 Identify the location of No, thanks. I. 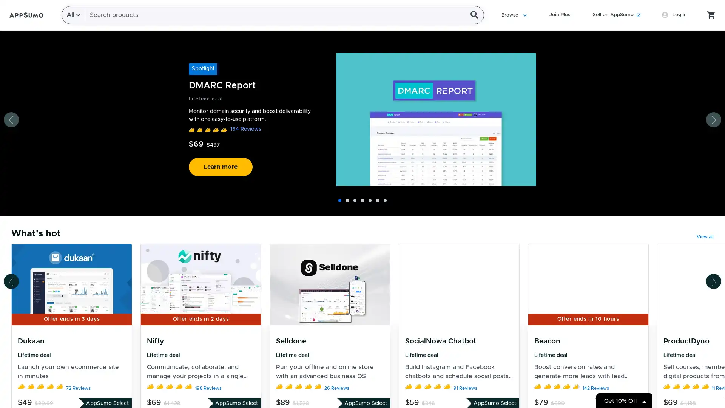
(364, 202).